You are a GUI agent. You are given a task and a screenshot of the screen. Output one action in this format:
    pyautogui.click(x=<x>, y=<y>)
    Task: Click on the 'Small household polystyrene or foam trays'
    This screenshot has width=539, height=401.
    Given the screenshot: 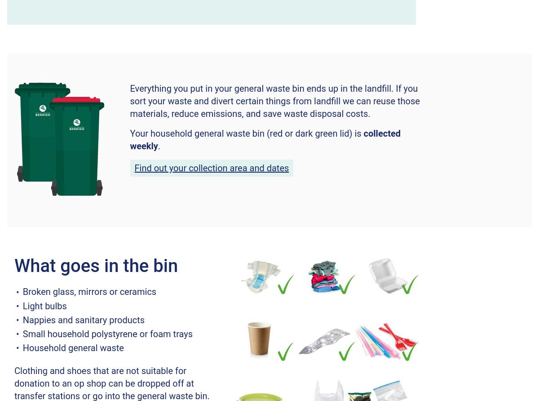 What is the action you would take?
    pyautogui.click(x=22, y=333)
    